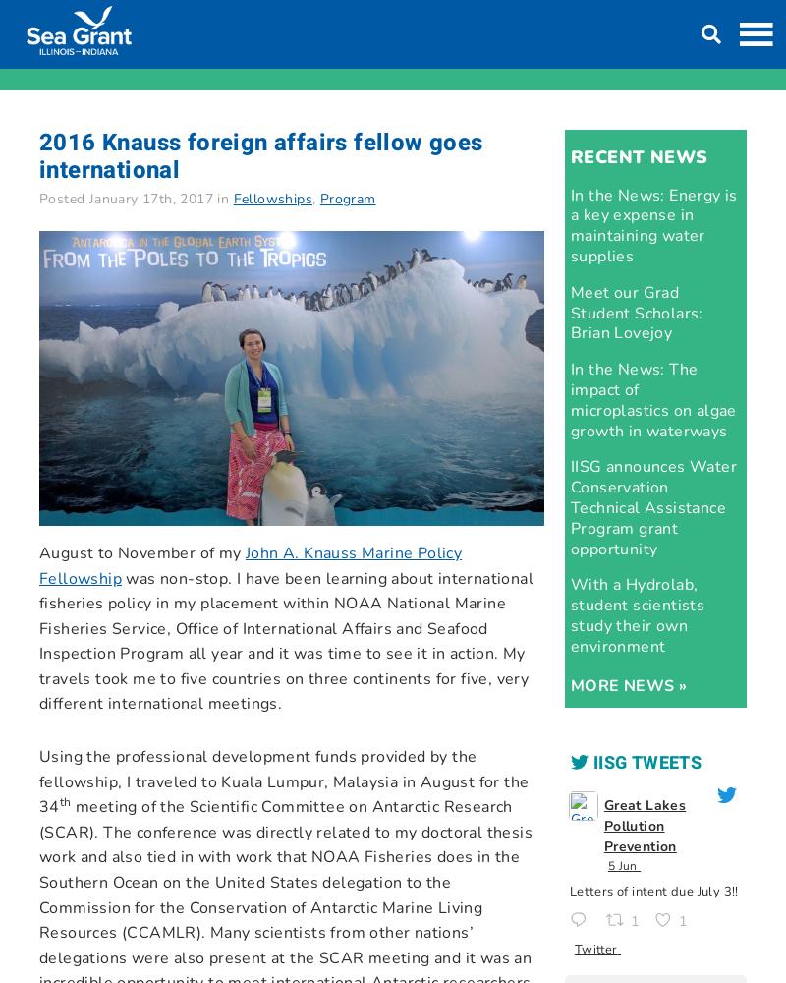 The image size is (786, 983). What do you see at coordinates (569, 829) in the screenshot?
I see `';'` at bounding box center [569, 829].